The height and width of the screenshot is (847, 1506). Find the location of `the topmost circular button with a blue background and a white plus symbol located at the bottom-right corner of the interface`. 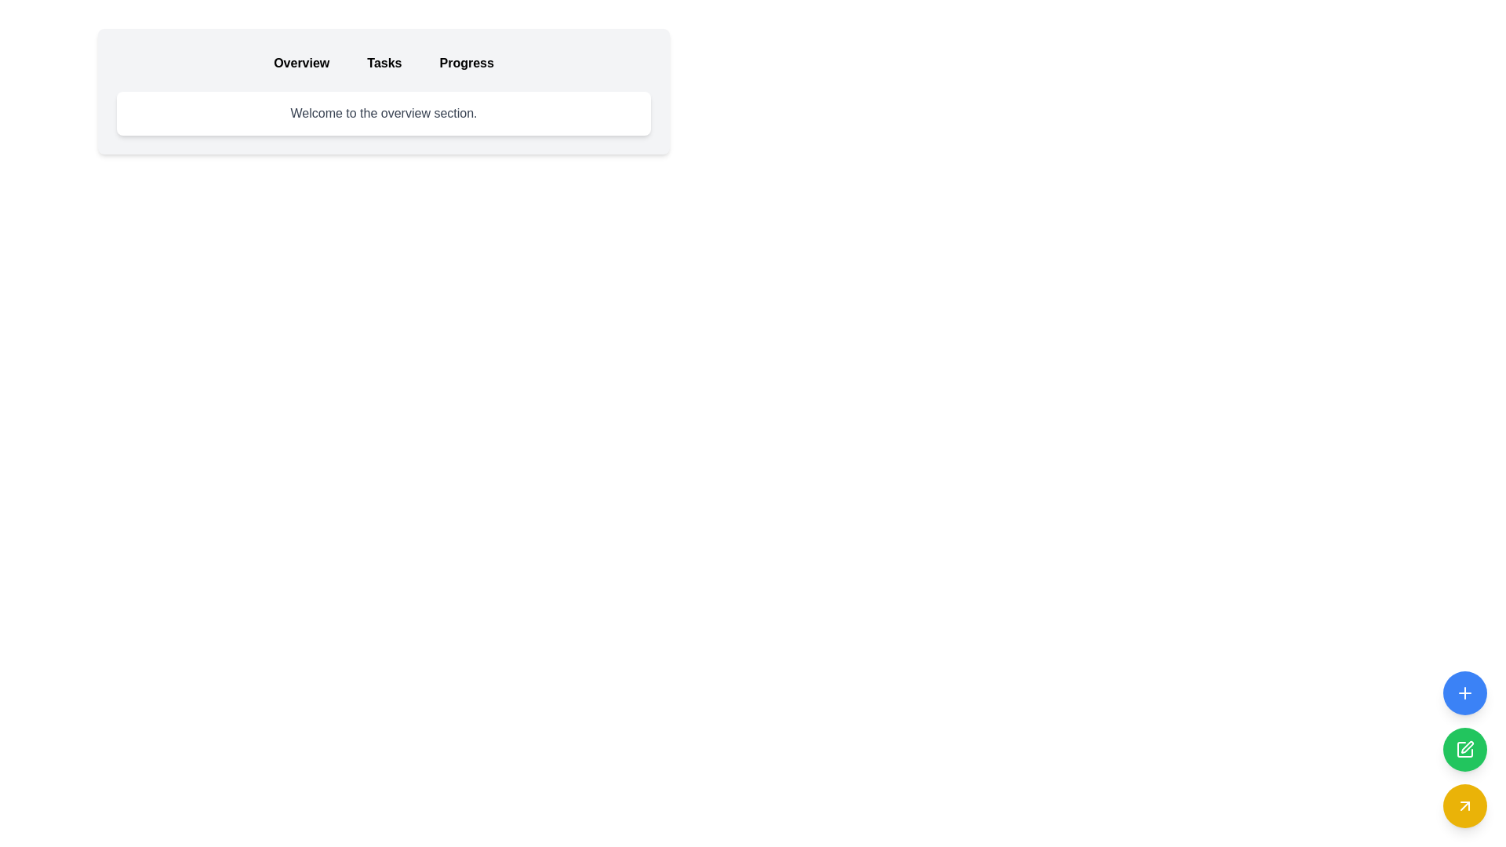

the topmost circular button with a blue background and a white plus symbol located at the bottom-right corner of the interface is located at coordinates (1464, 692).